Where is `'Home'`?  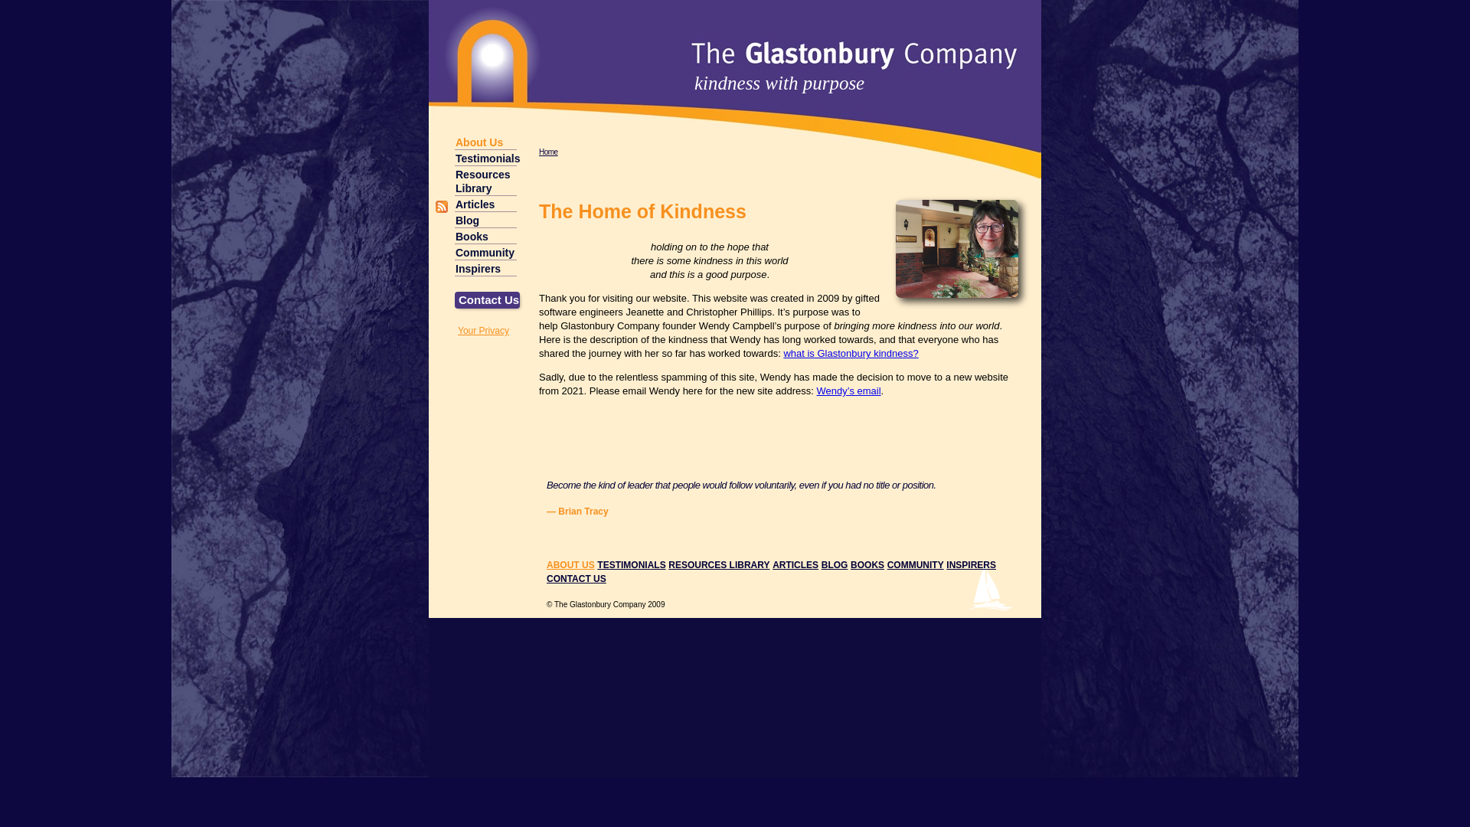 'Home' is located at coordinates (548, 152).